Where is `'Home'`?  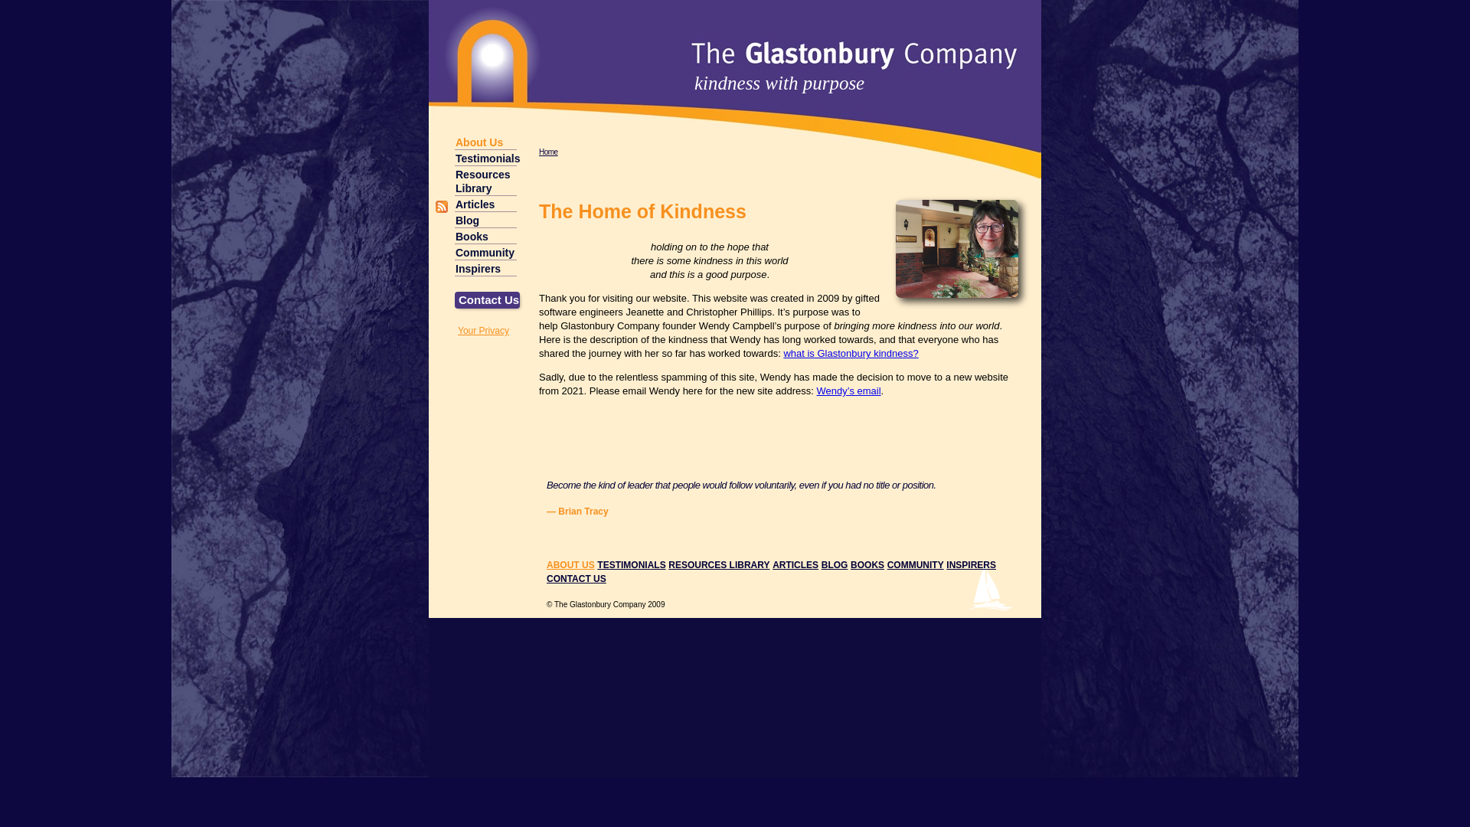 'Home' is located at coordinates (548, 152).